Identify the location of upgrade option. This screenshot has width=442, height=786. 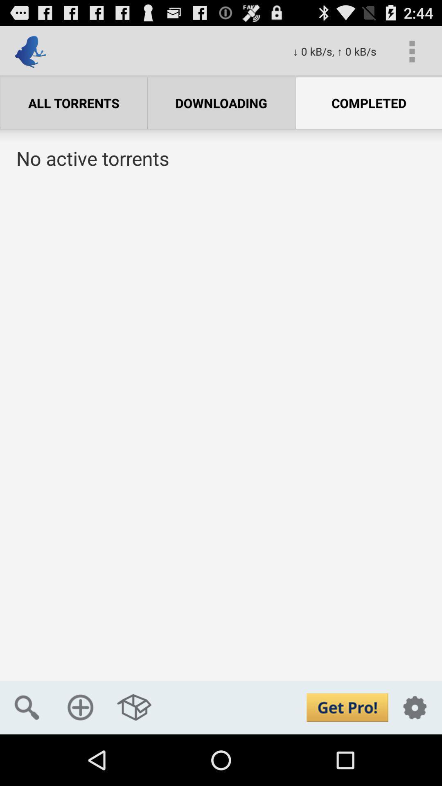
(347, 707).